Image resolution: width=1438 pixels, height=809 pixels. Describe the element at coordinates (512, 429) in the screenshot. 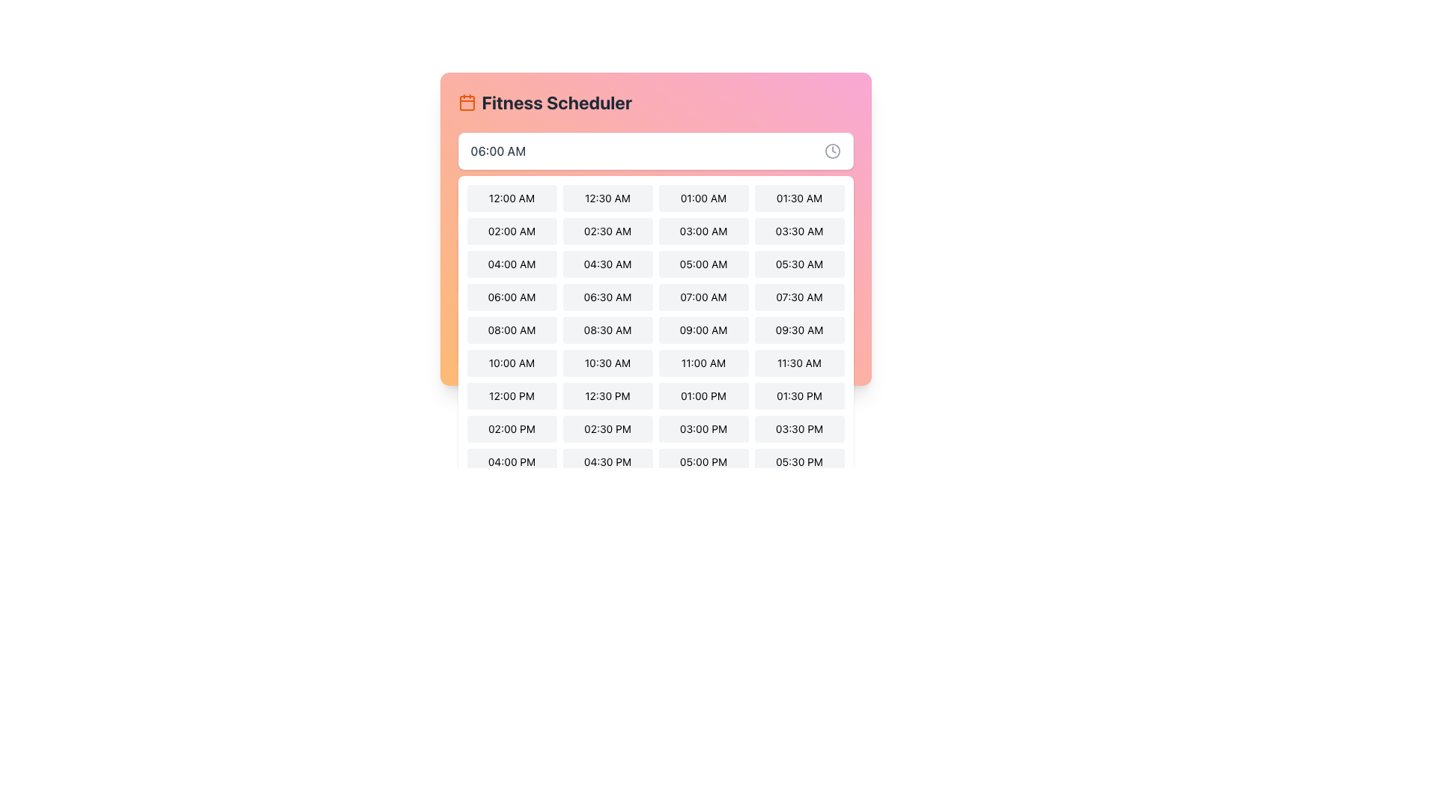

I see `the button displaying '02:00 PM'` at that location.